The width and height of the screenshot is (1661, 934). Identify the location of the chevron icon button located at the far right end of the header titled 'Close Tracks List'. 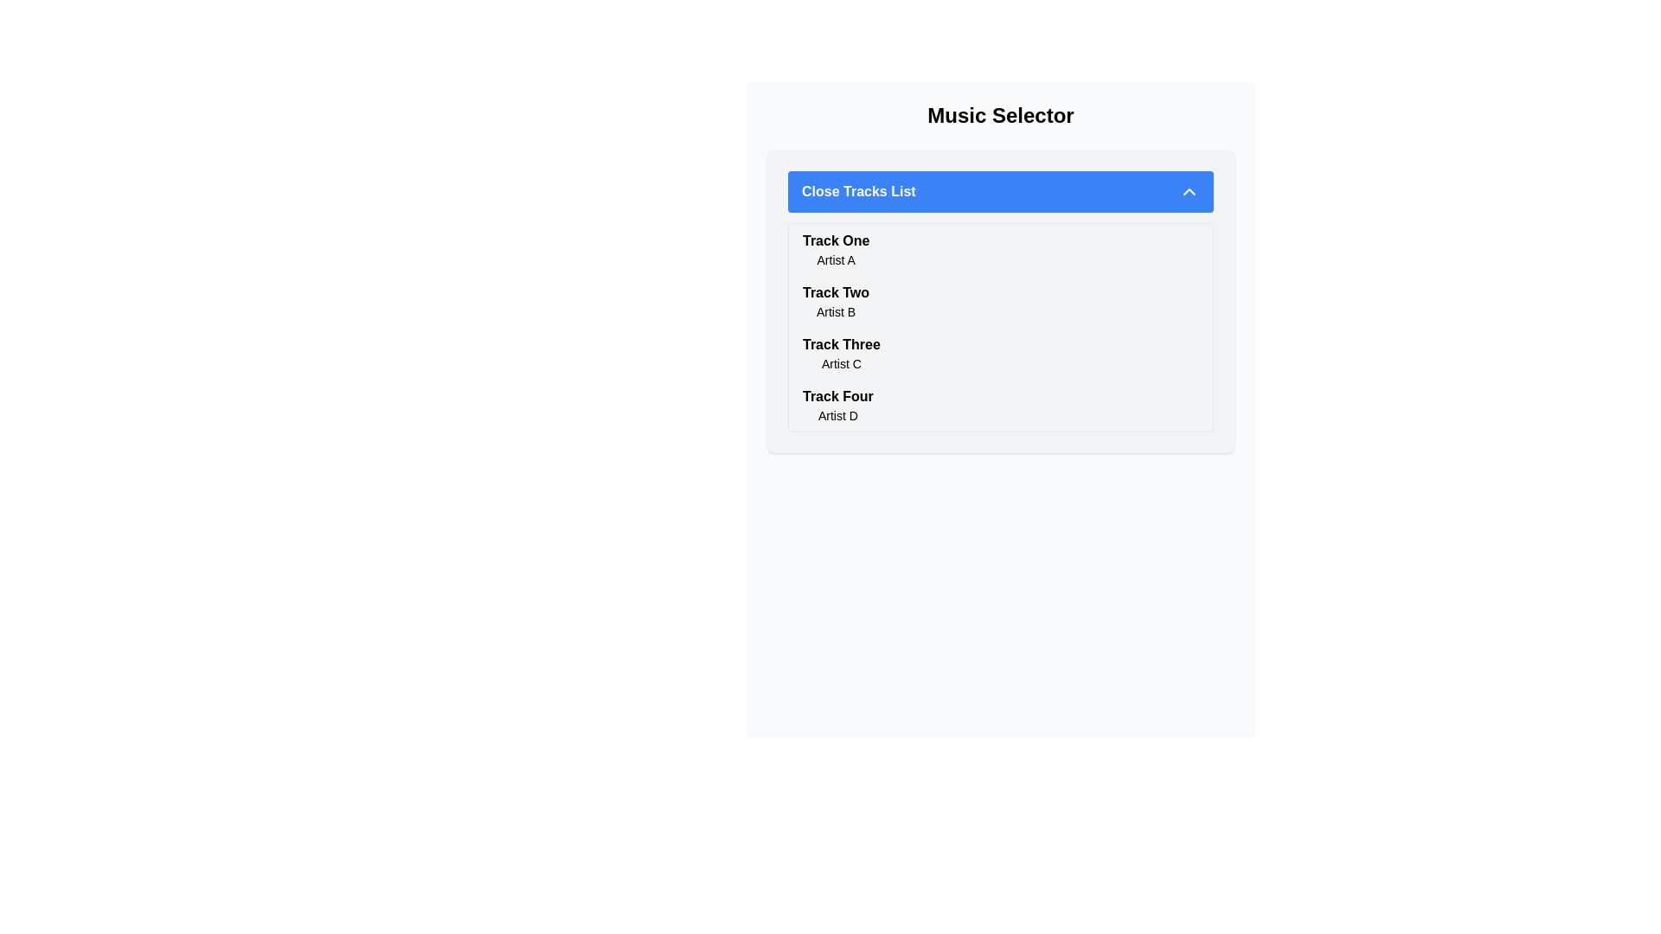
(1188, 192).